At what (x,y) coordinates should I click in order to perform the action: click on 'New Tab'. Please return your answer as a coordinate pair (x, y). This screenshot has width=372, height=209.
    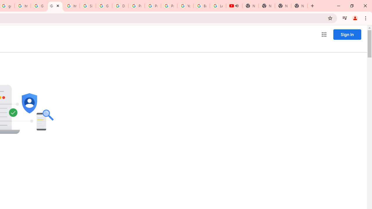
    Looking at the image, I should click on (299, 6).